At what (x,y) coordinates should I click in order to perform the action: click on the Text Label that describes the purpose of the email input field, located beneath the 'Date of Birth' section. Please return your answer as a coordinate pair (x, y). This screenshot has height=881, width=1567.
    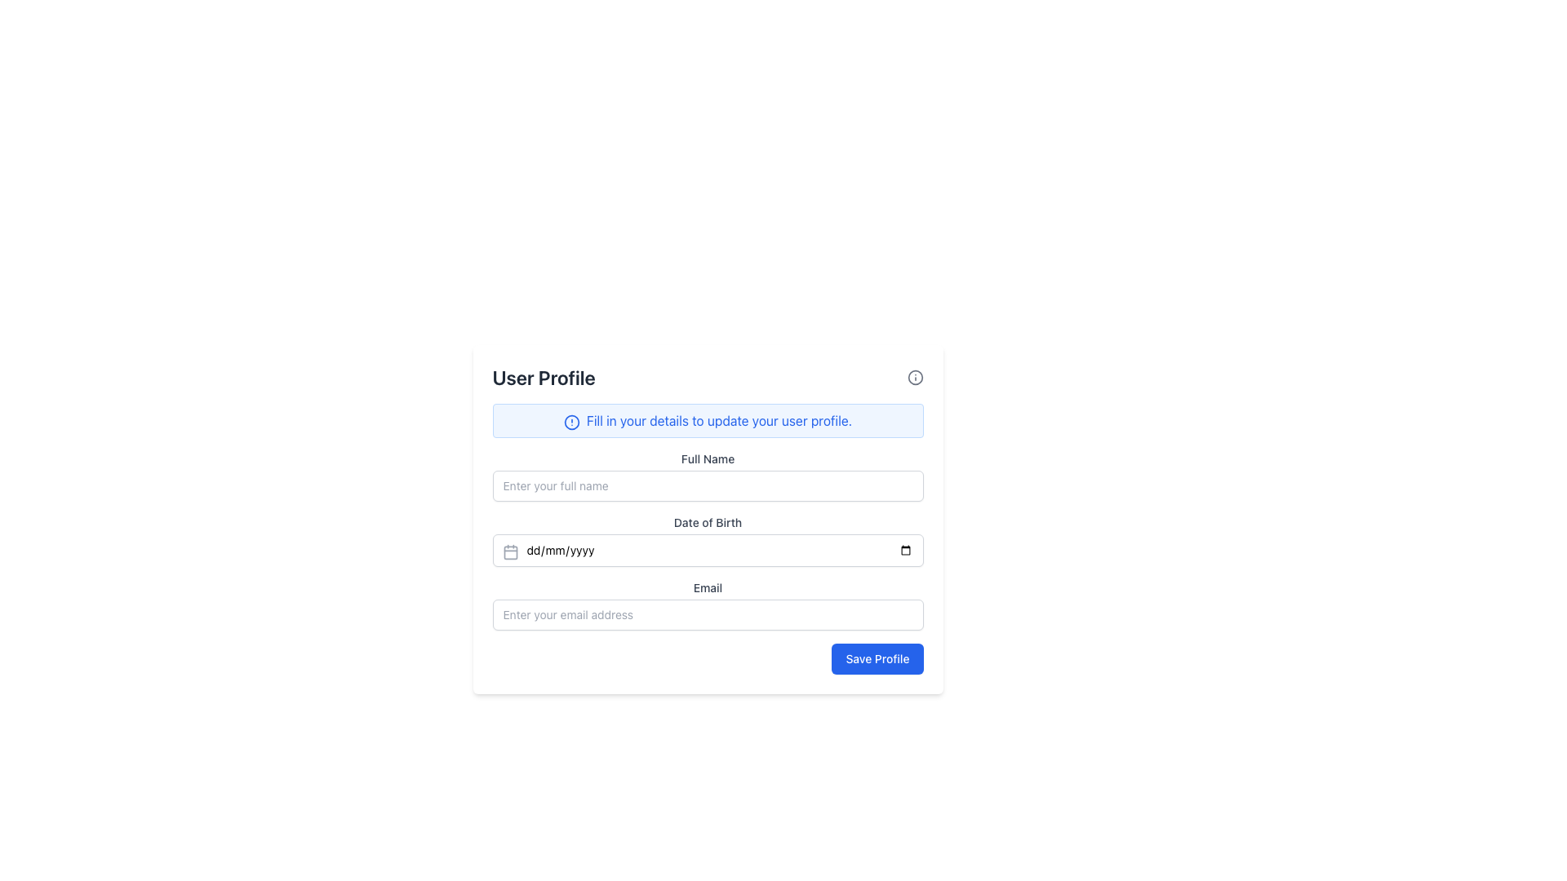
    Looking at the image, I should click on (708, 588).